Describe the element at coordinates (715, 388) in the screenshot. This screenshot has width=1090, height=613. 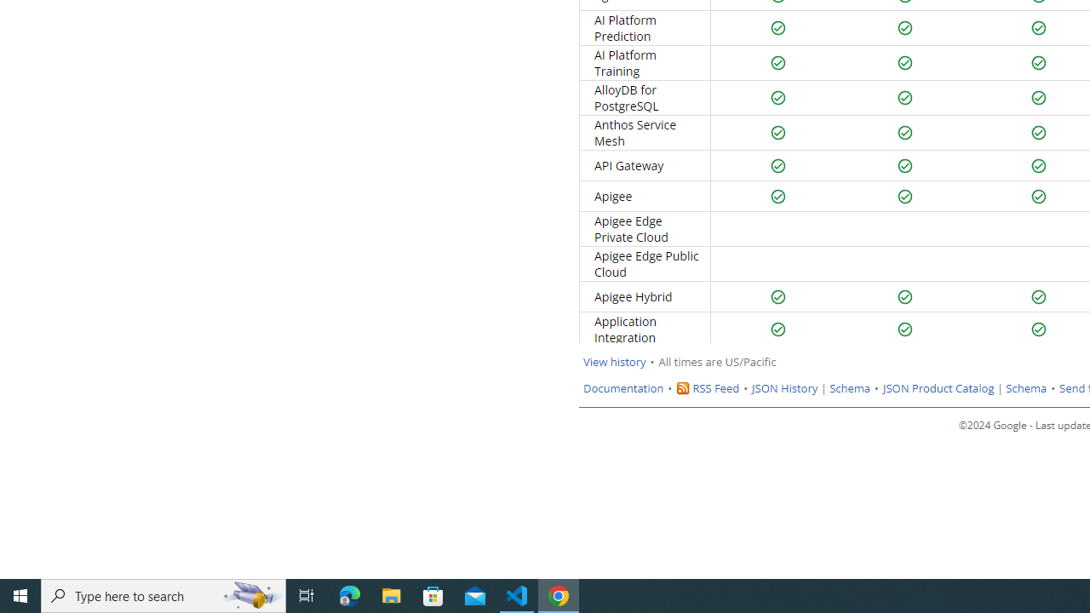
I see `'RSS Feed'` at that location.